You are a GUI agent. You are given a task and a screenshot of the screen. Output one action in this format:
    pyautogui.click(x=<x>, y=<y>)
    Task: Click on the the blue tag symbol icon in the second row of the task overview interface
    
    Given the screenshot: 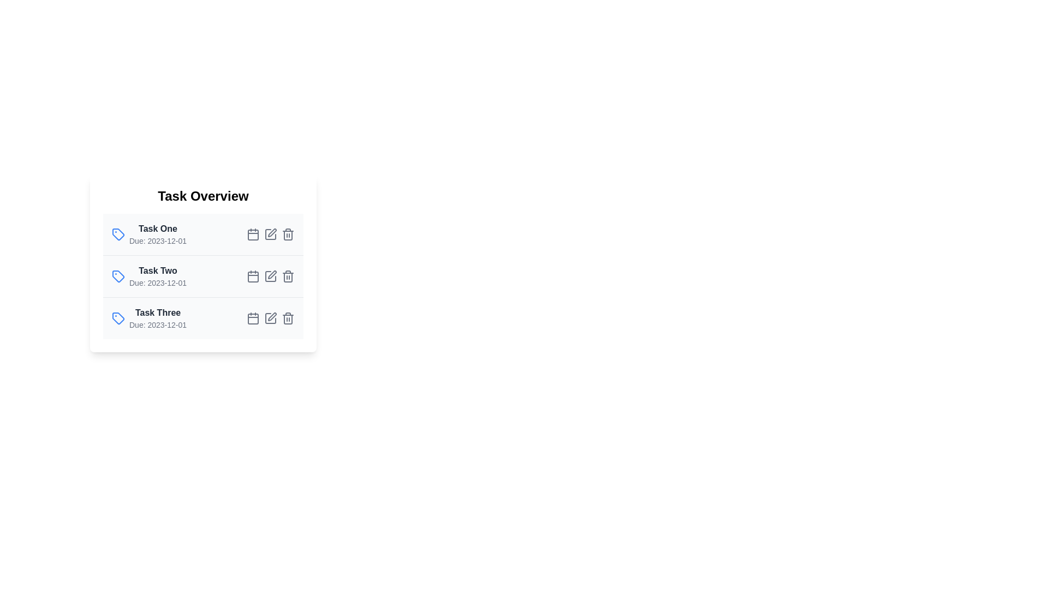 What is the action you would take?
    pyautogui.click(x=118, y=275)
    